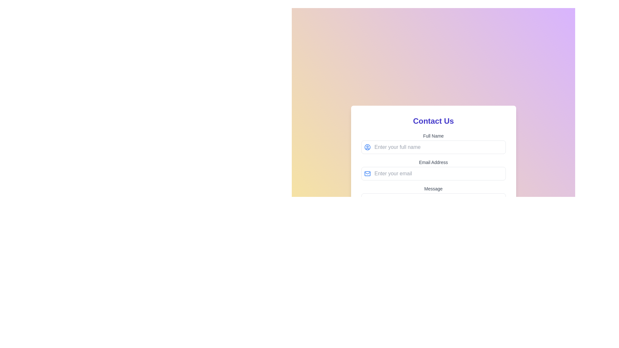 The image size is (619, 348). What do you see at coordinates (433, 135) in the screenshot?
I see `the 'Full Name' label text in the contact form interface, which is styled with a medium-sized gray font and positioned above the input field for entering full names` at bounding box center [433, 135].